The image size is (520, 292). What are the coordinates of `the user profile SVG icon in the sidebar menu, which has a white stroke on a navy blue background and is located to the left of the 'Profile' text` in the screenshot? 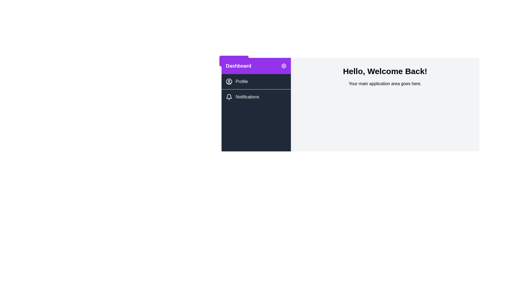 It's located at (229, 81).